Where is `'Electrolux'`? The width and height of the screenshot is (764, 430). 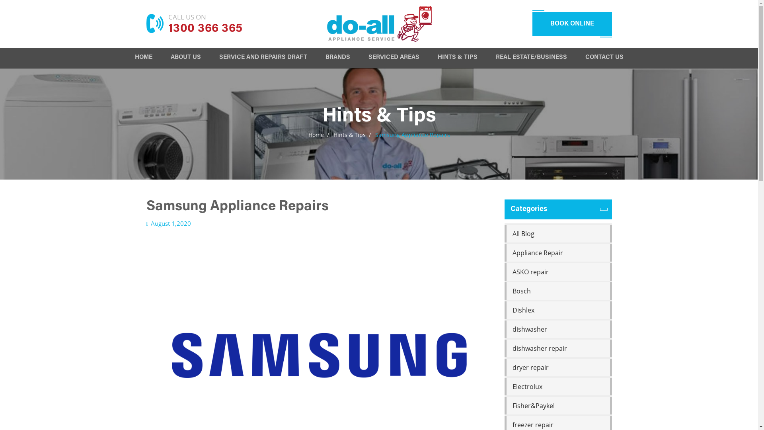
'Electrolux' is located at coordinates (557, 386).